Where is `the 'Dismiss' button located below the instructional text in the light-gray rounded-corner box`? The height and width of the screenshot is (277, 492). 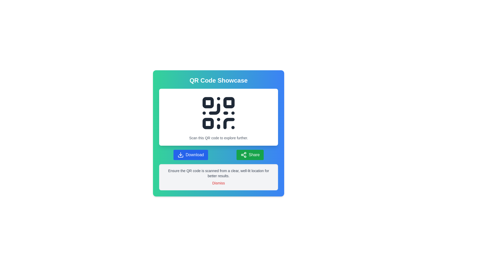 the 'Dismiss' button located below the instructional text in the light-gray rounded-corner box is located at coordinates (219, 183).